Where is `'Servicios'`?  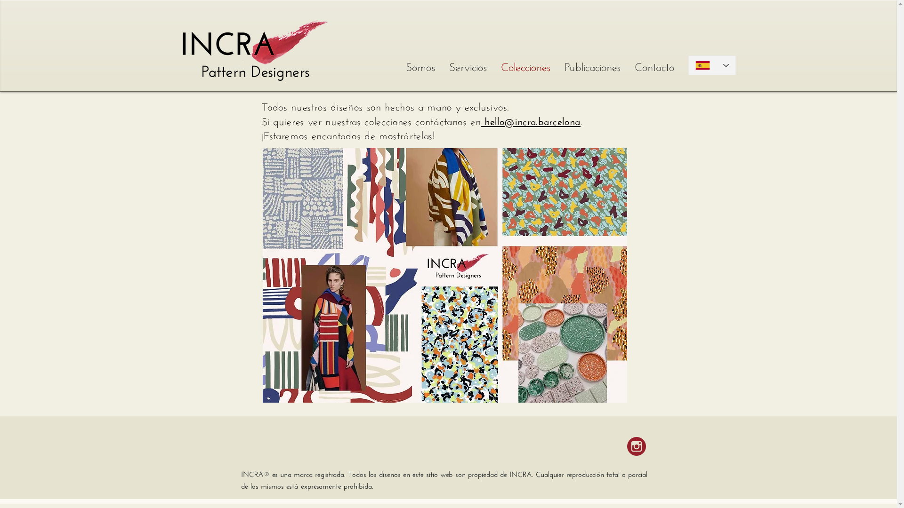 'Servicios' is located at coordinates (468, 64).